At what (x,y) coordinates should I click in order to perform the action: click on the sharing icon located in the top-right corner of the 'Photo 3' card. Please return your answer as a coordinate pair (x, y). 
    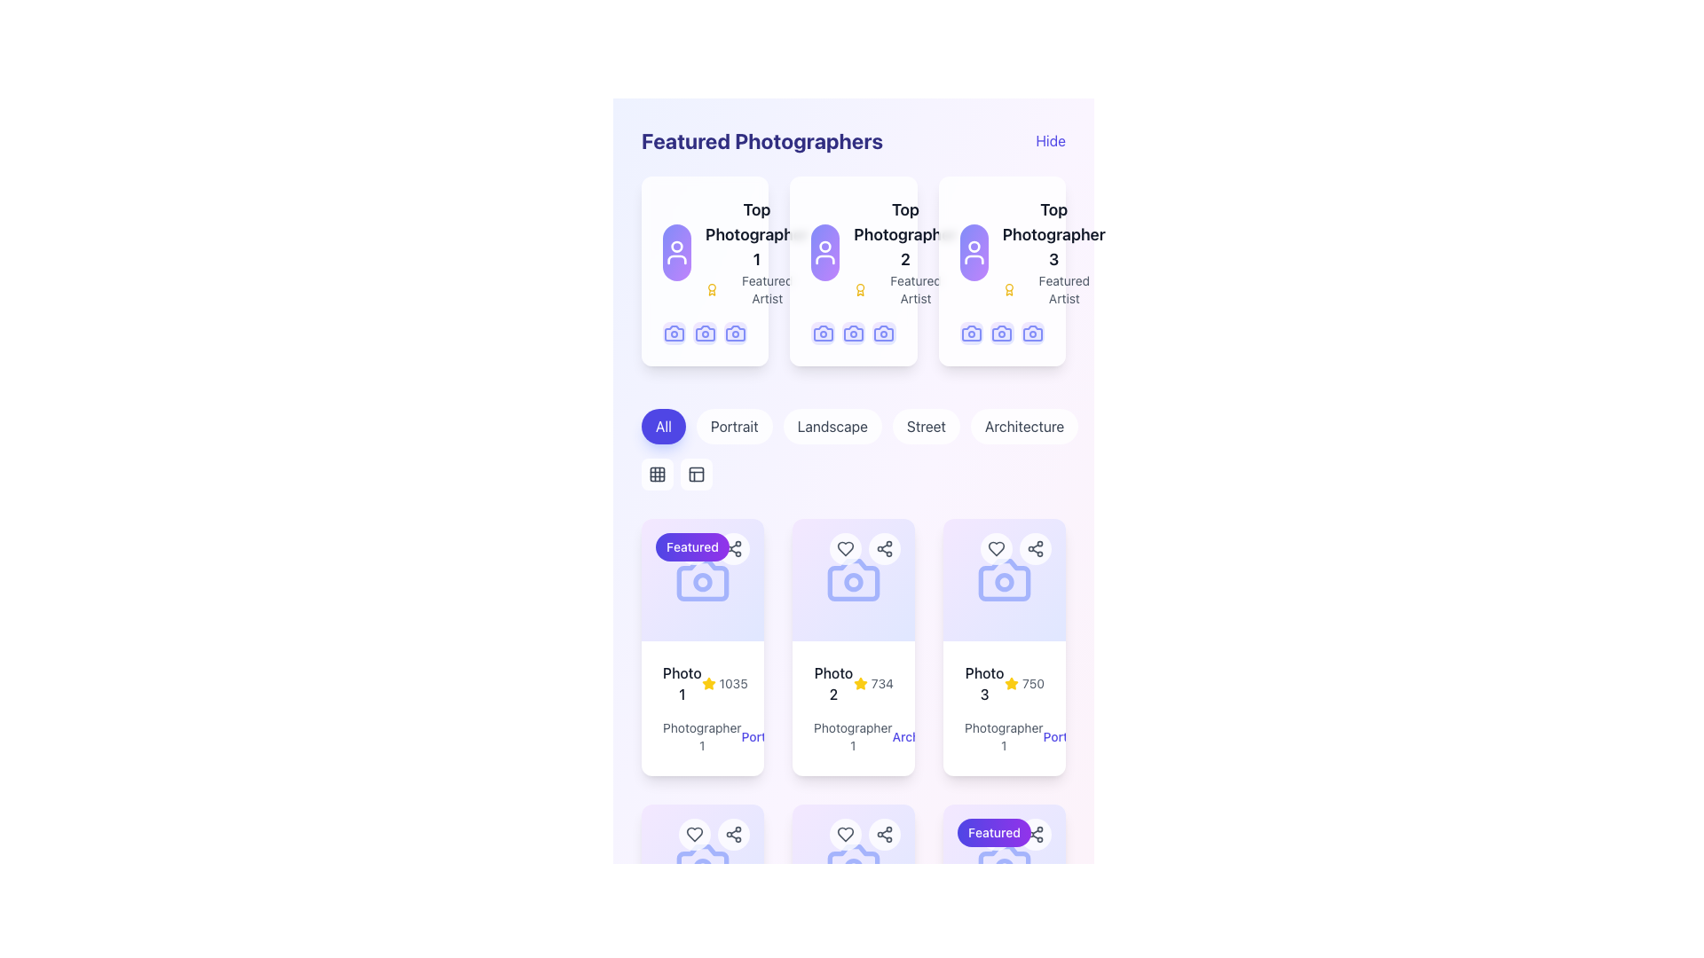
    Looking at the image, I should click on (1035, 835).